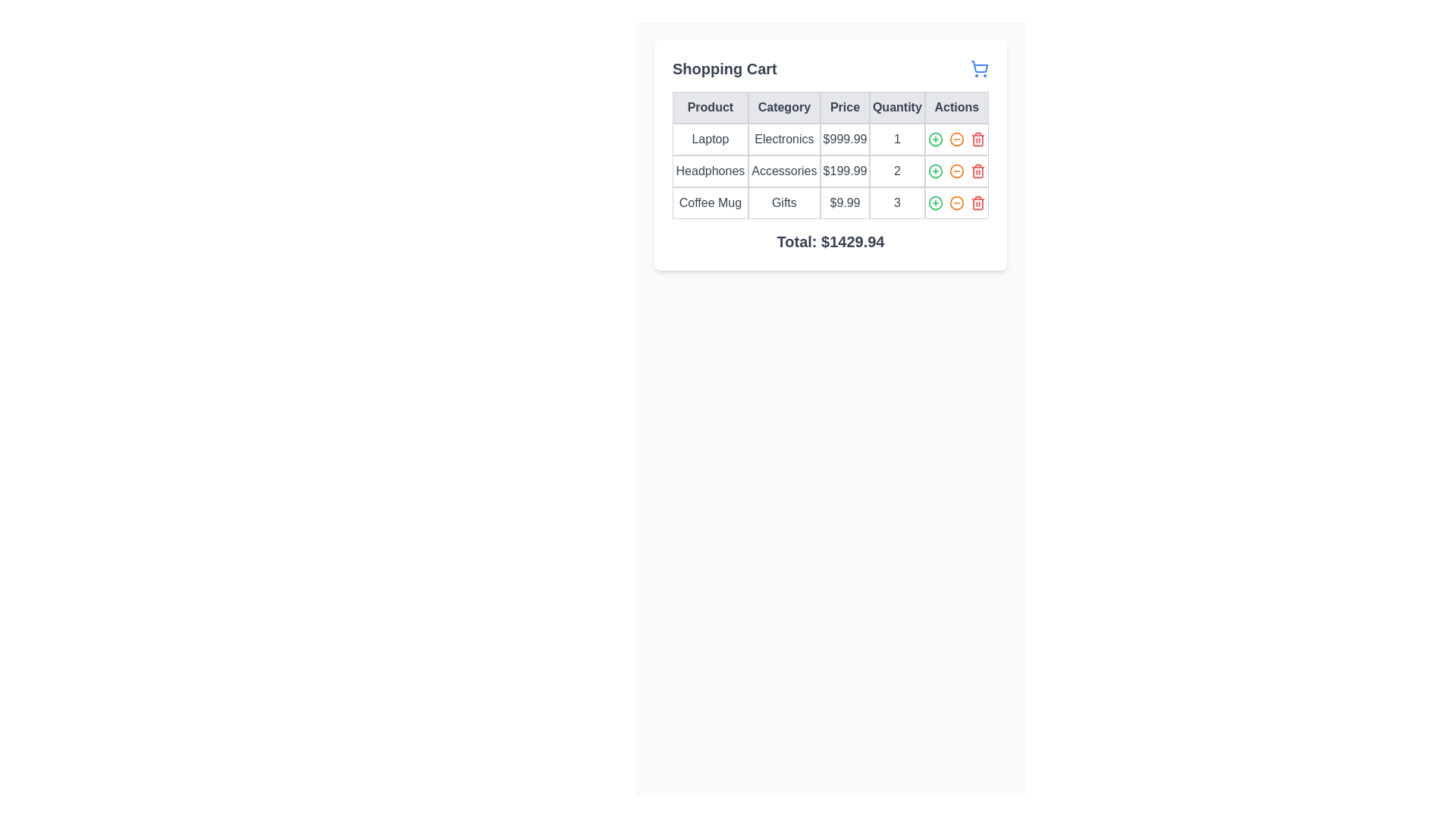  I want to click on the button for reducing the product quantity in the shopping cart, so click(955, 140).